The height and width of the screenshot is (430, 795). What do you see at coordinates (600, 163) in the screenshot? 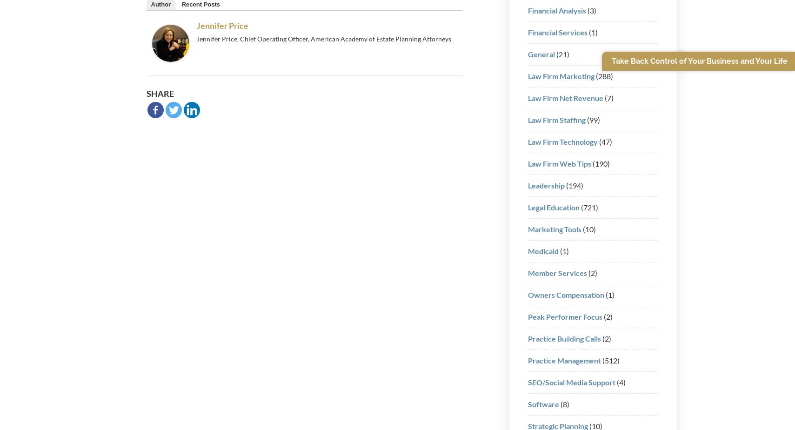
I see `'(190)'` at bounding box center [600, 163].